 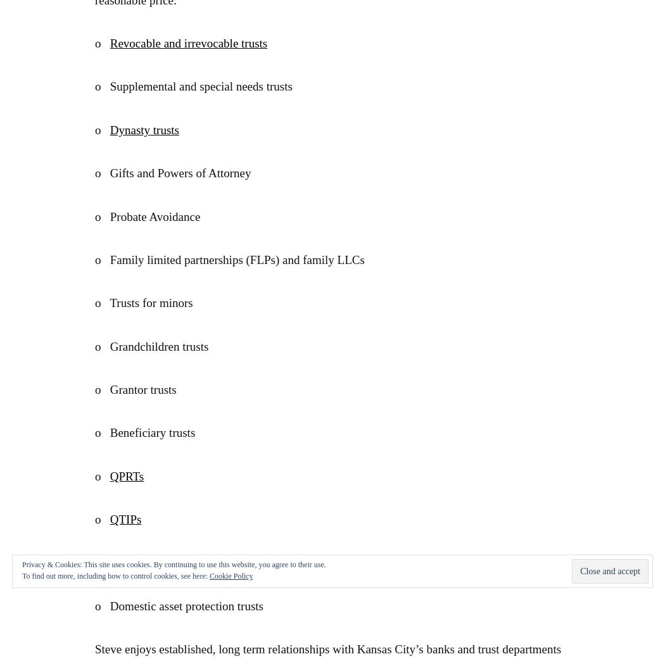 I want to click on 'Cookie Policy', so click(x=230, y=575).